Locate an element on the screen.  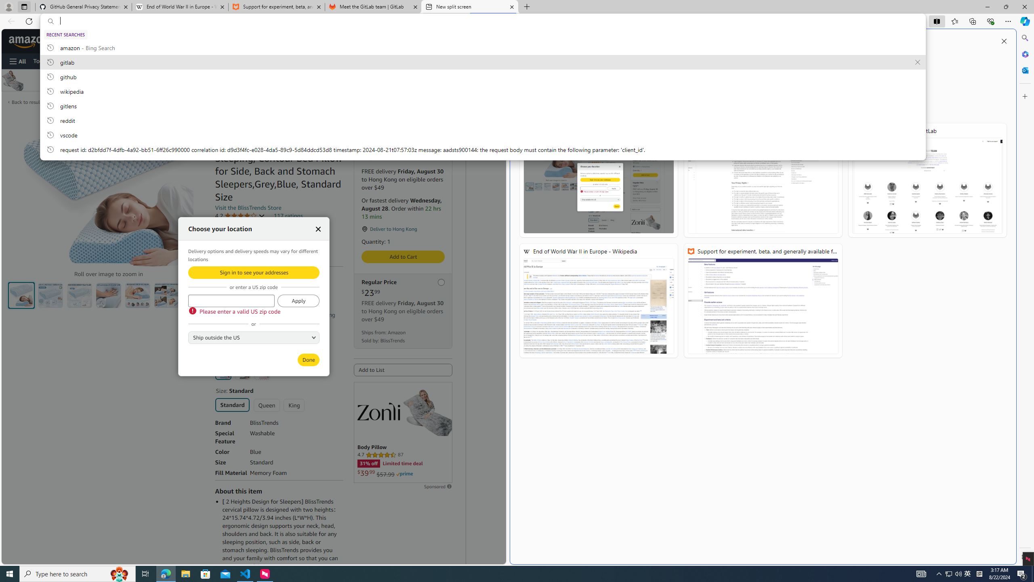
'Remove suggestion' is located at coordinates (917, 62).